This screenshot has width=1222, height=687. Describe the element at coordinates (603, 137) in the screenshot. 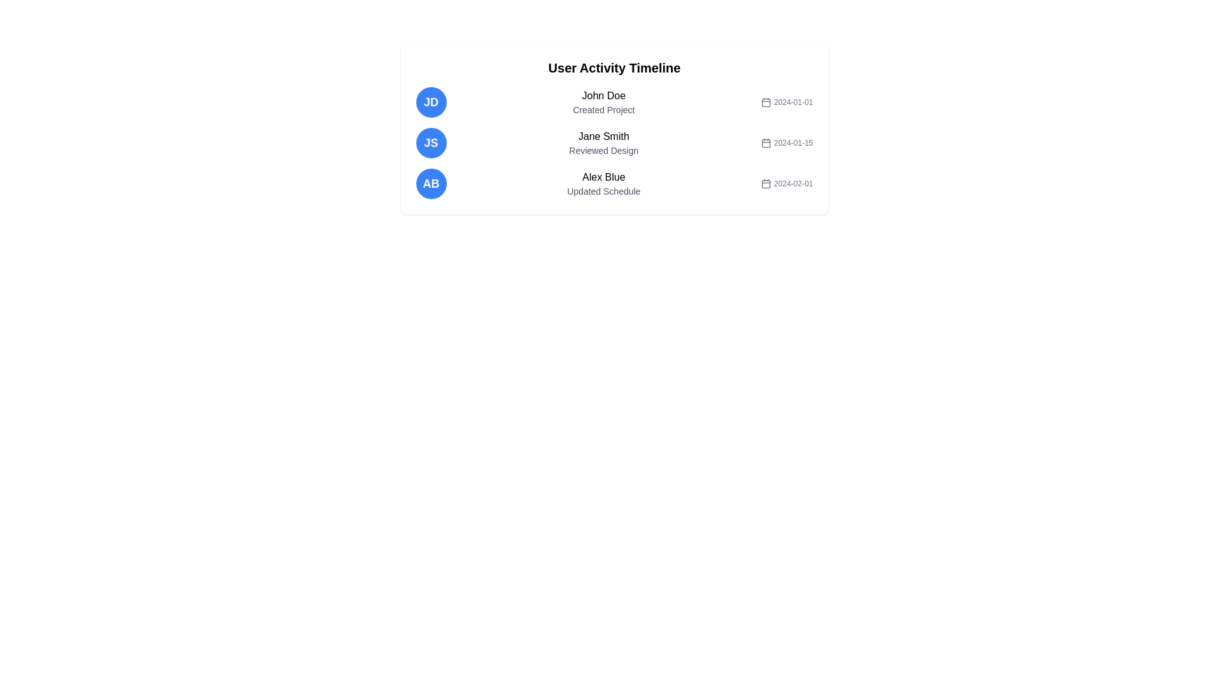

I see `the text label displaying the name 'Jane Smith' in bold black font within the 'User Activity Timeline' section` at that location.